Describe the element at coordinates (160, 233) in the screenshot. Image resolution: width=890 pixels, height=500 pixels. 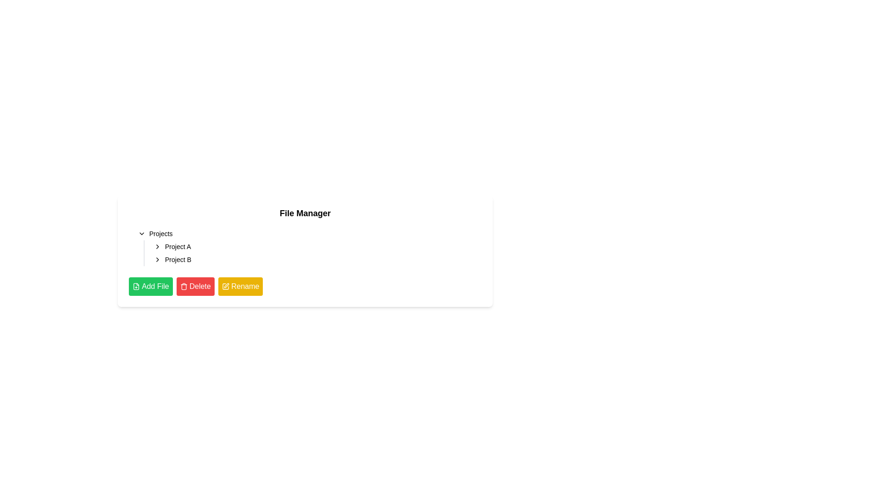
I see `the text element that serves as a label for the collapsible project list section` at that location.